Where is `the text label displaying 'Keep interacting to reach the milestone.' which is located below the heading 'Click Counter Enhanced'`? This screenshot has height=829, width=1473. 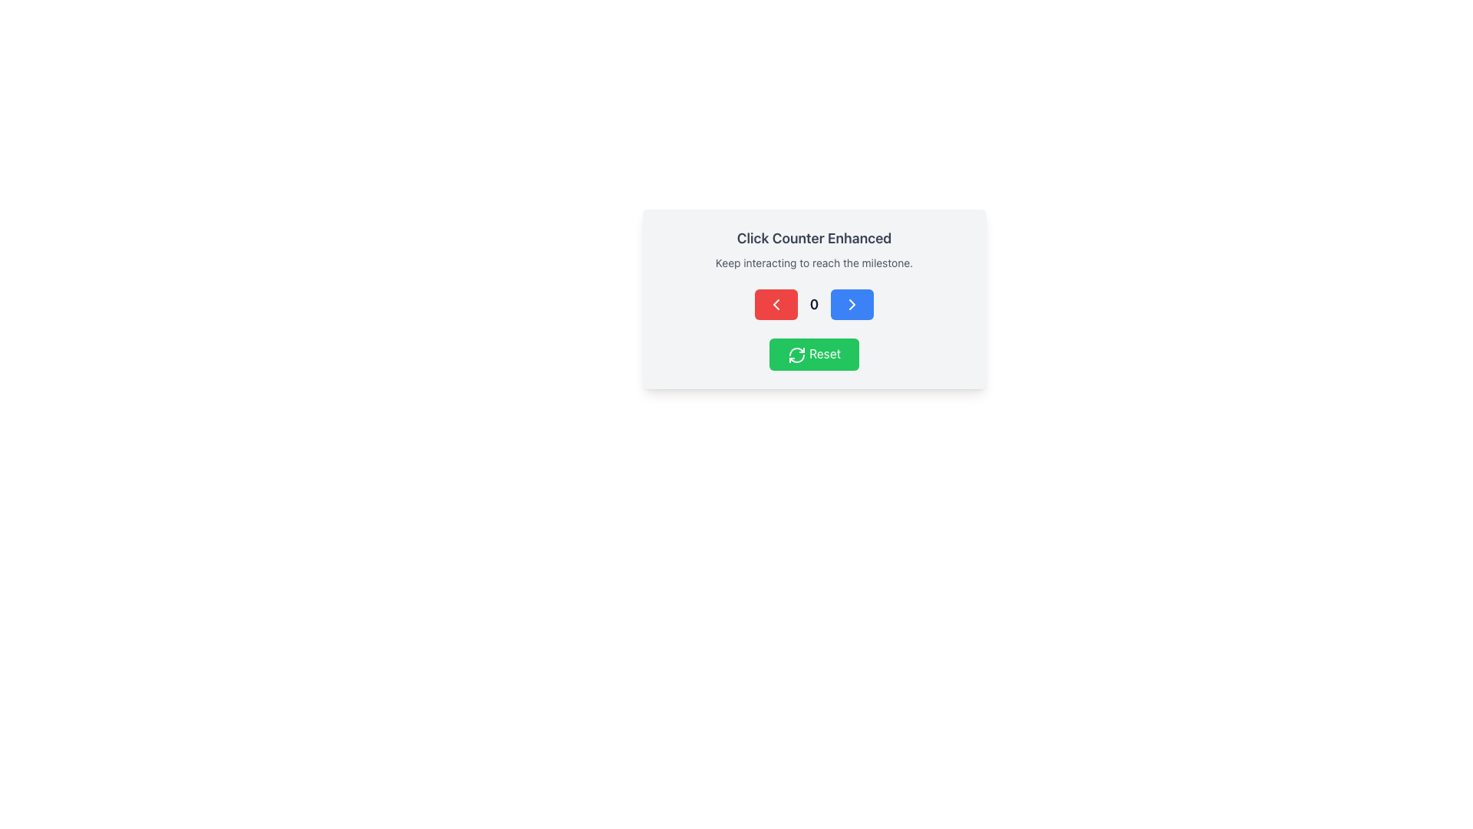 the text label displaying 'Keep interacting to reach the milestone.' which is located below the heading 'Click Counter Enhanced' is located at coordinates (813, 263).